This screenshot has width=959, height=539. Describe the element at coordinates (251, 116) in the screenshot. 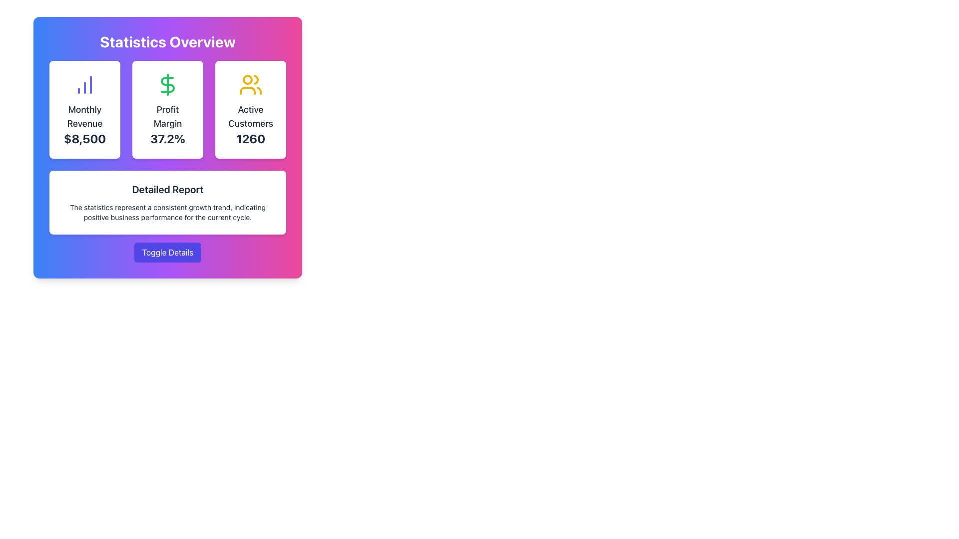

I see `the Text label in the third card under 'Statistics Overview', which provides context for the numerical value below it` at that location.